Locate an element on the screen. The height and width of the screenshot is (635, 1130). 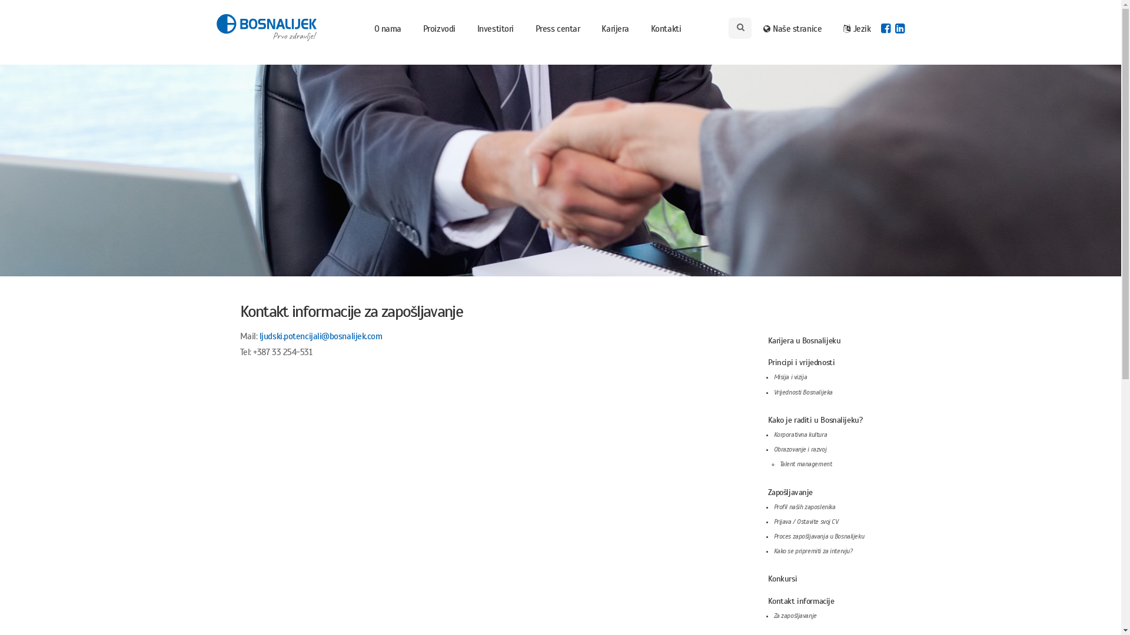
'Press centar' is located at coordinates (557, 28).